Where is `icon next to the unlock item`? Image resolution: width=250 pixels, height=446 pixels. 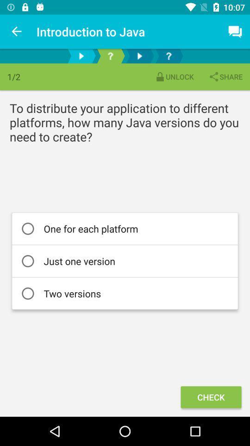
icon next to the unlock item is located at coordinates (225, 76).